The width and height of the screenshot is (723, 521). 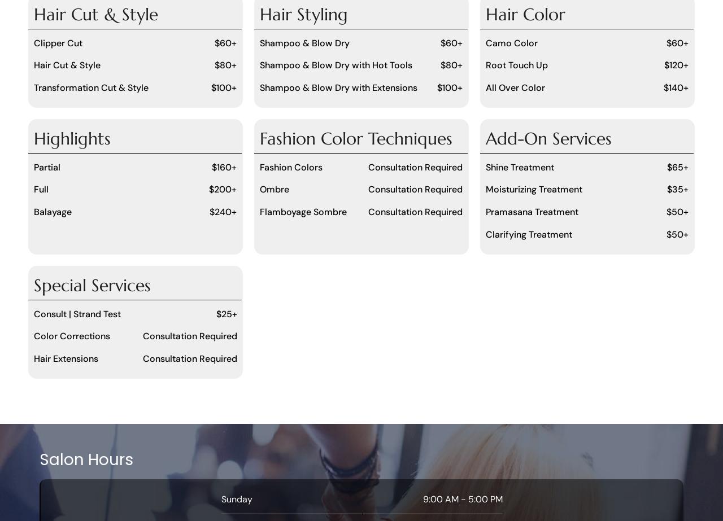 What do you see at coordinates (667, 189) in the screenshot?
I see `'$35+'` at bounding box center [667, 189].